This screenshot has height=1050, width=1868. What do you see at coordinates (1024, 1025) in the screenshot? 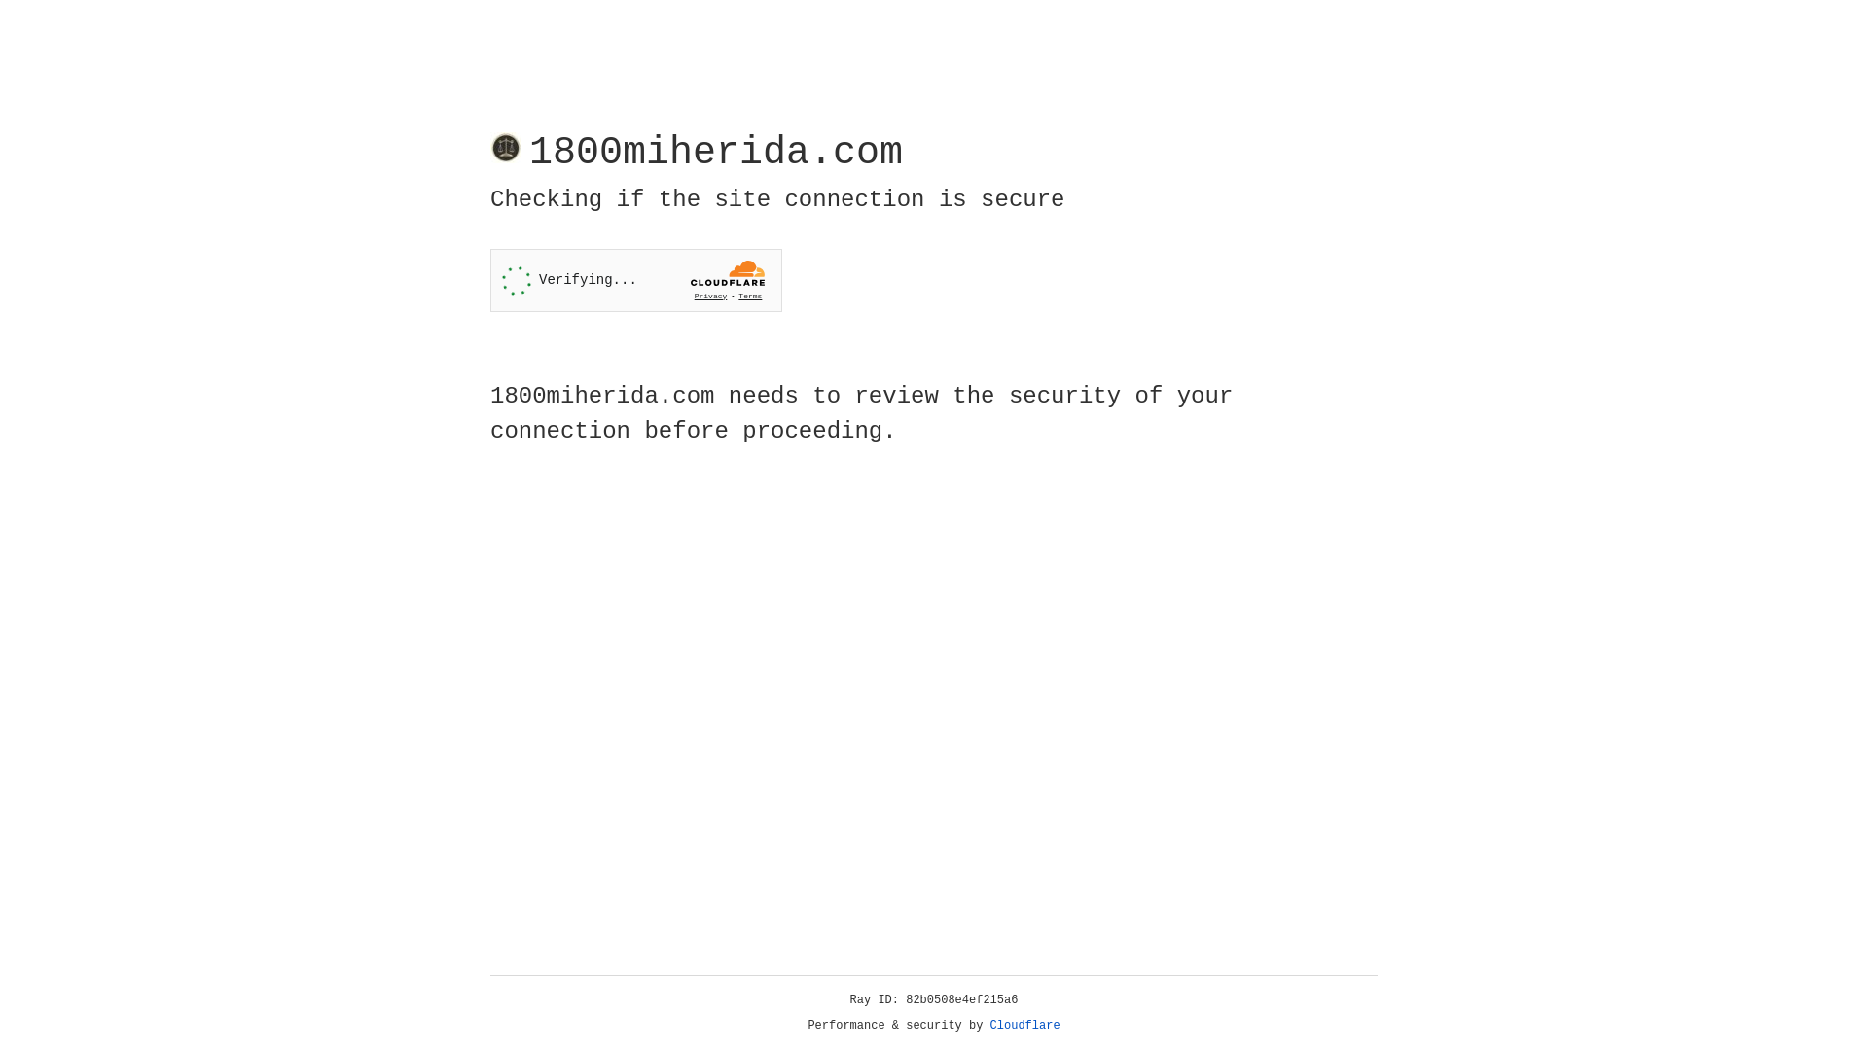
I see `'Cloudflare'` at bounding box center [1024, 1025].